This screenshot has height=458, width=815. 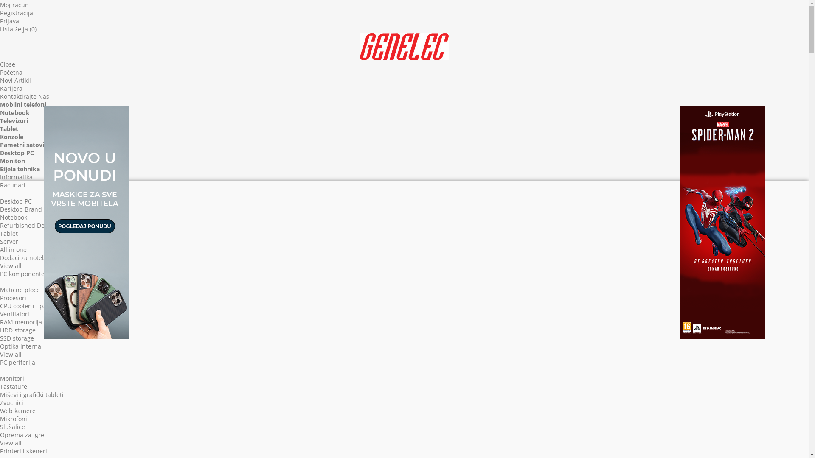 I want to click on 'Bijela tehnika', so click(x=20, y=169).